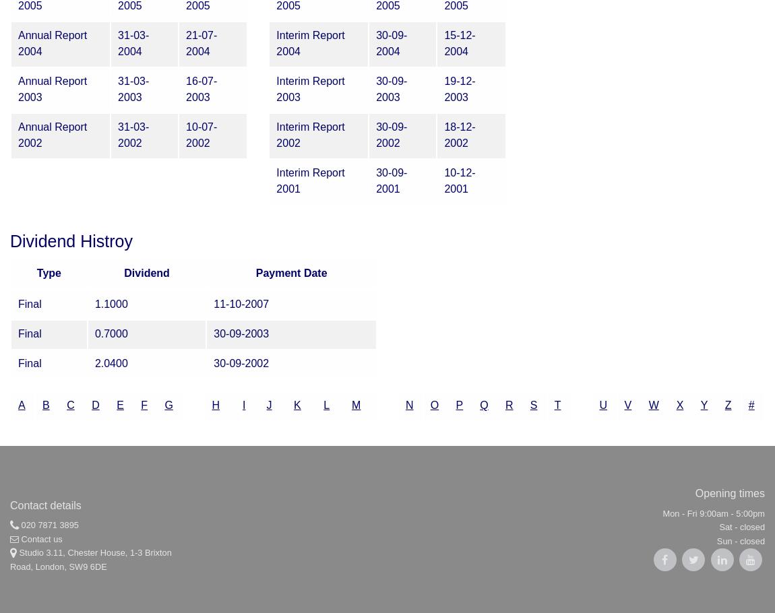 The image size is (775, 613). Describe the element at coordinates (291, 272) in the screenshot. I see `'Payment Date'` at that location.